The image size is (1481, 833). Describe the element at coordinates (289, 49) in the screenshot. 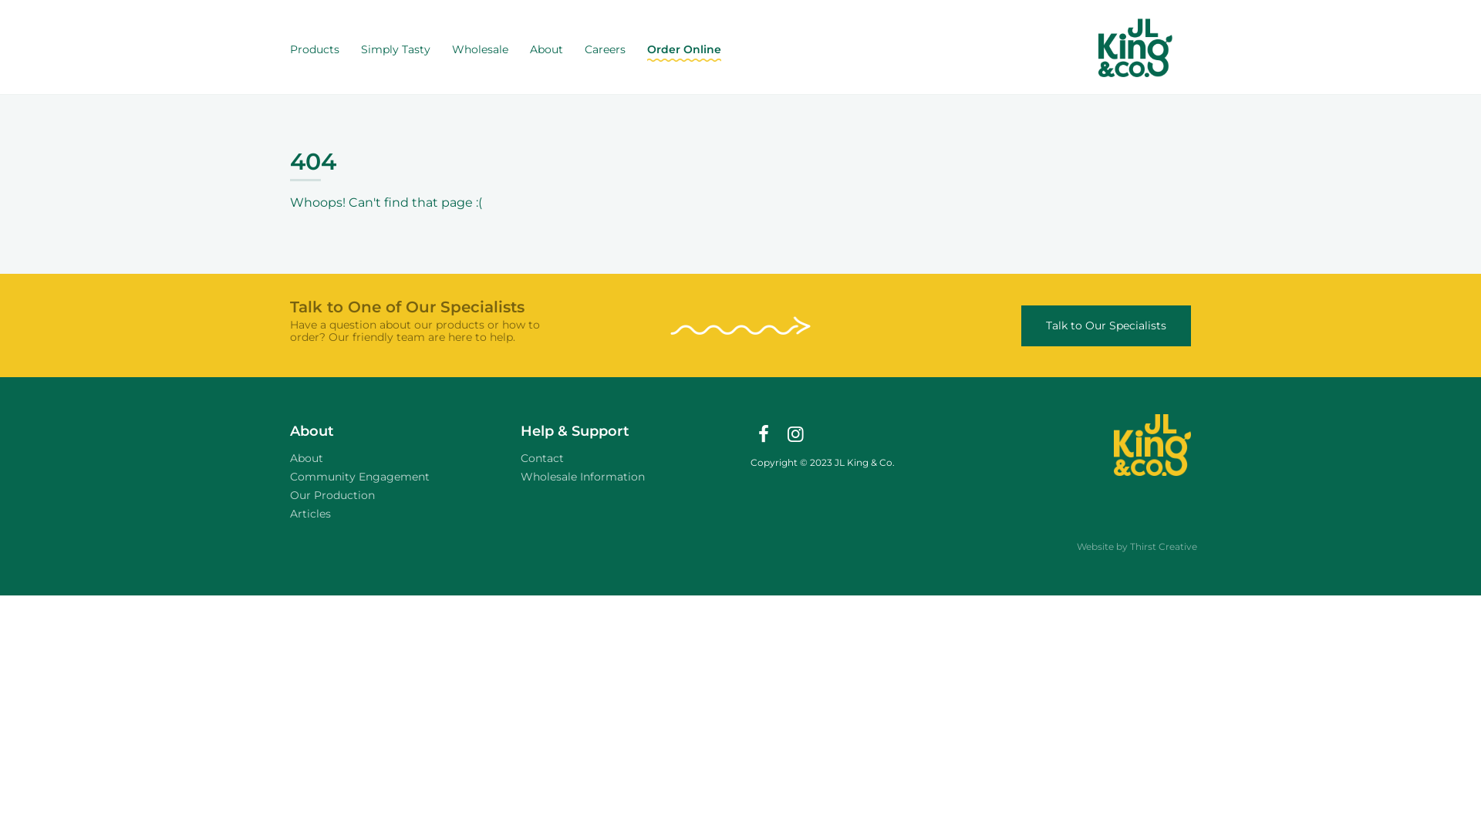

I see `'Products'` at that location.